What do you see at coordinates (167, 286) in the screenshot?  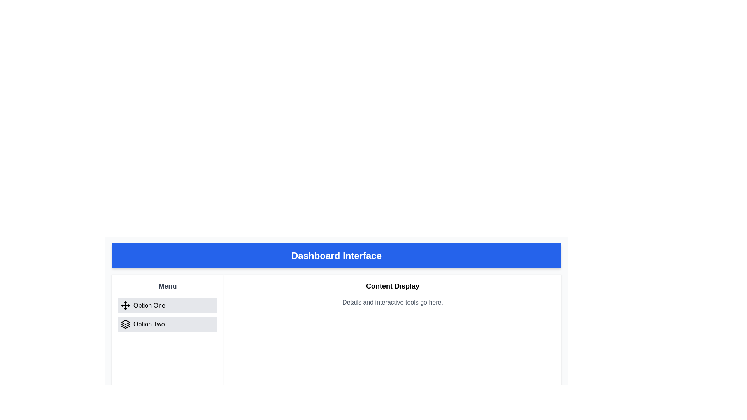 I see `the 'Menu' text label, which is styled with a bold font and gray color, located at the top of the sidebar section` at bounding box center [167, 286].